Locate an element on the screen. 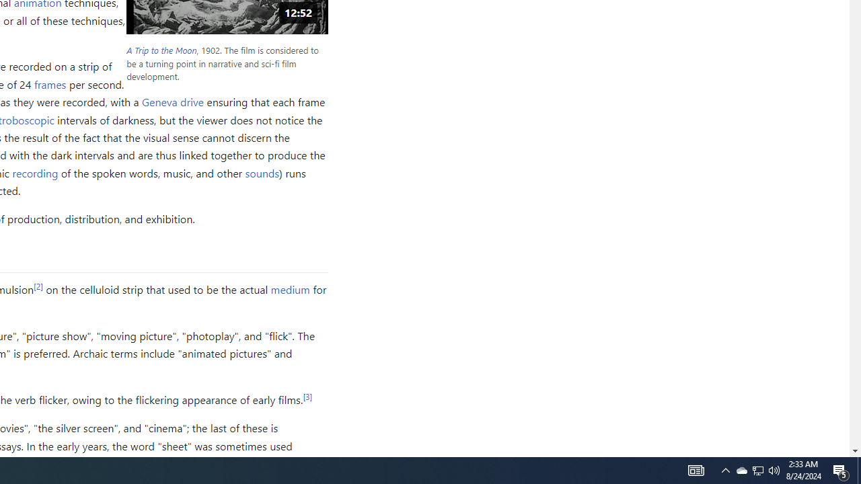 The width and height of the screenshot is (861, 484). '[2]' is located at coordinates (38, 285).